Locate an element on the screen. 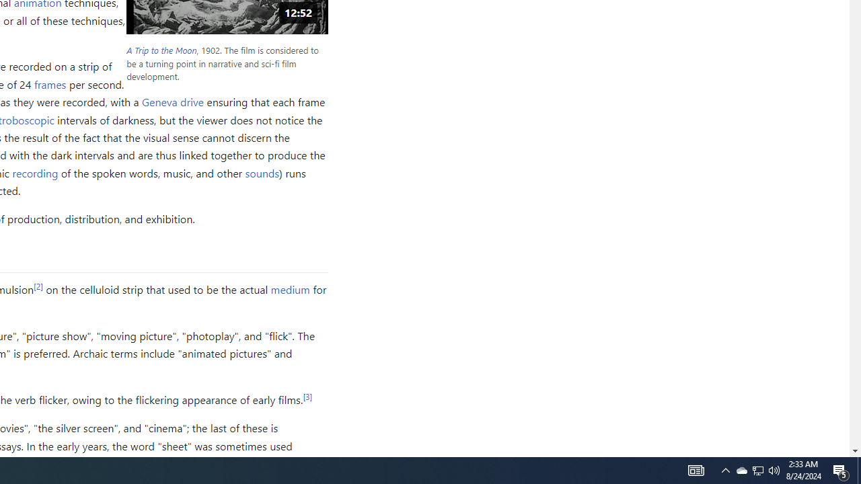 The width and height of the screenshot is (861, 484). '[2]' is located at coordinates (38, 285).